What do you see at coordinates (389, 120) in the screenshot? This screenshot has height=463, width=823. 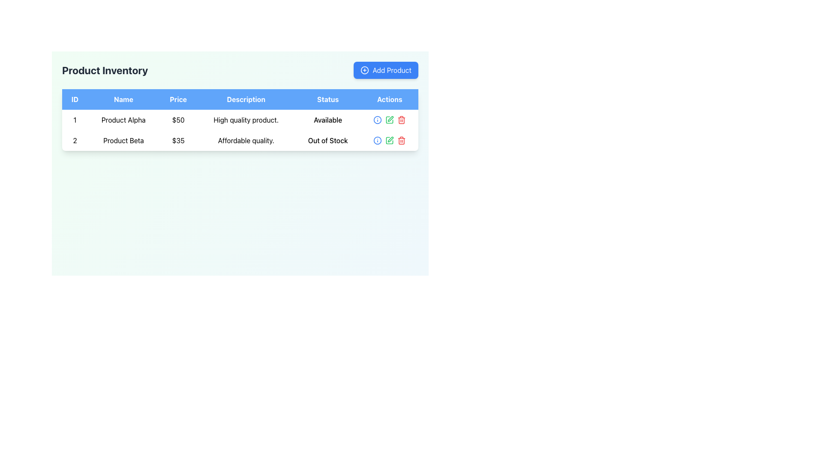 I see `the edit icon button located in the 'Actions' column of the second row to initiate edit mode` at bounding box center [389, 120].